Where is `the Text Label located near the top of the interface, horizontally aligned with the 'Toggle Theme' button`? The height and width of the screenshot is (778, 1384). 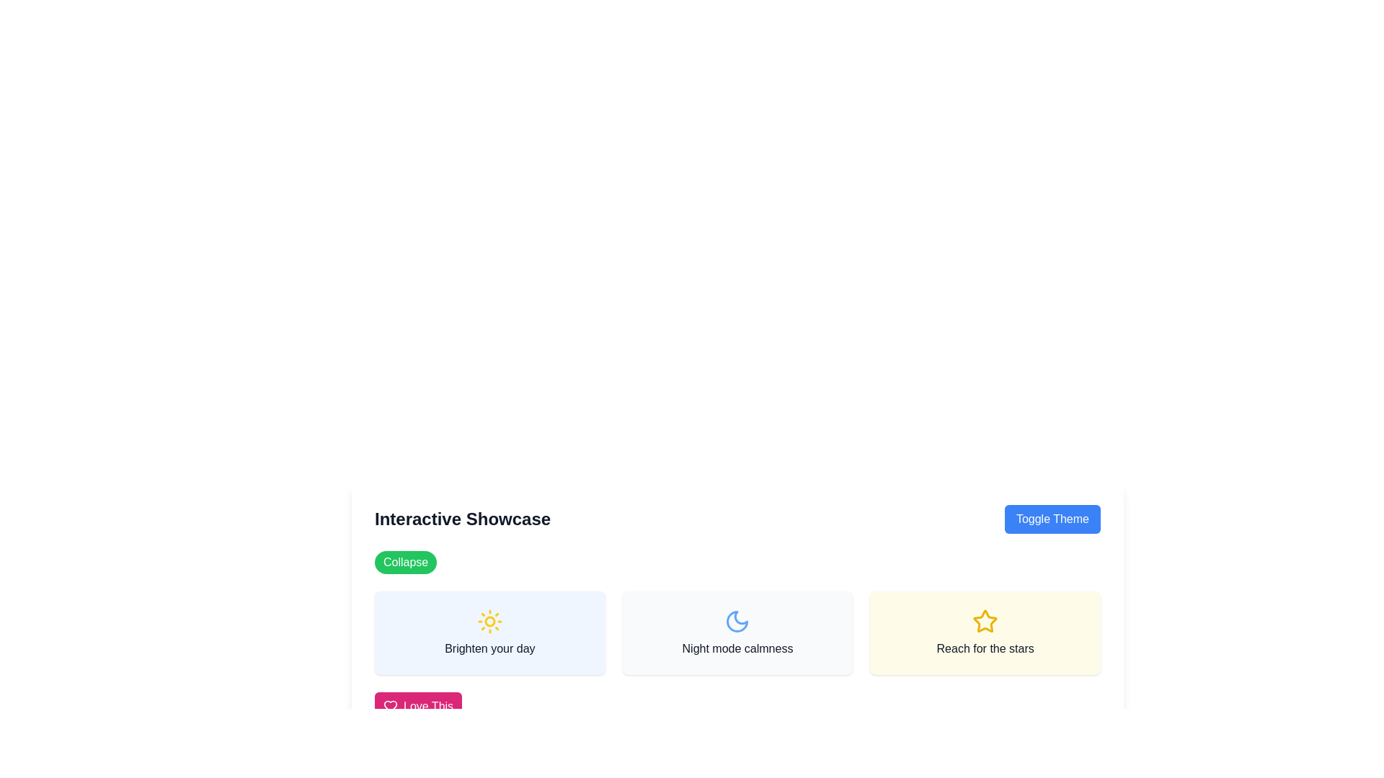
the Text Label located near the top of the interface, horizontally aligned with the 'Toggle Theme' button is located at coordinates (463, 519).